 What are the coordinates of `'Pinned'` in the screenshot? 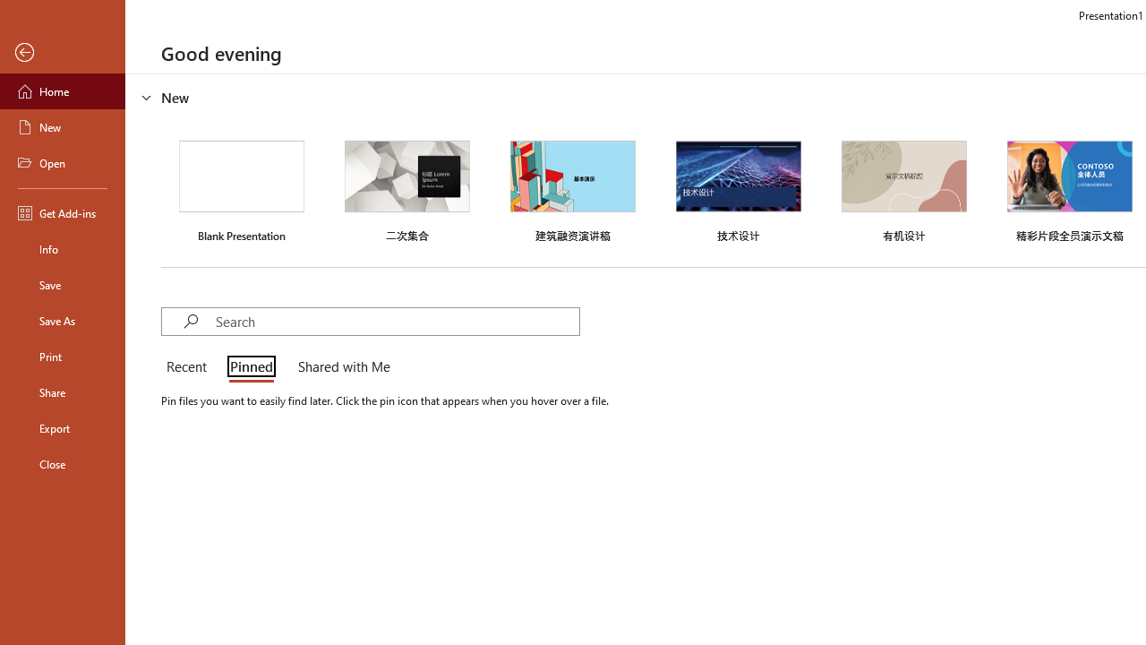 It's located at (250, 367).